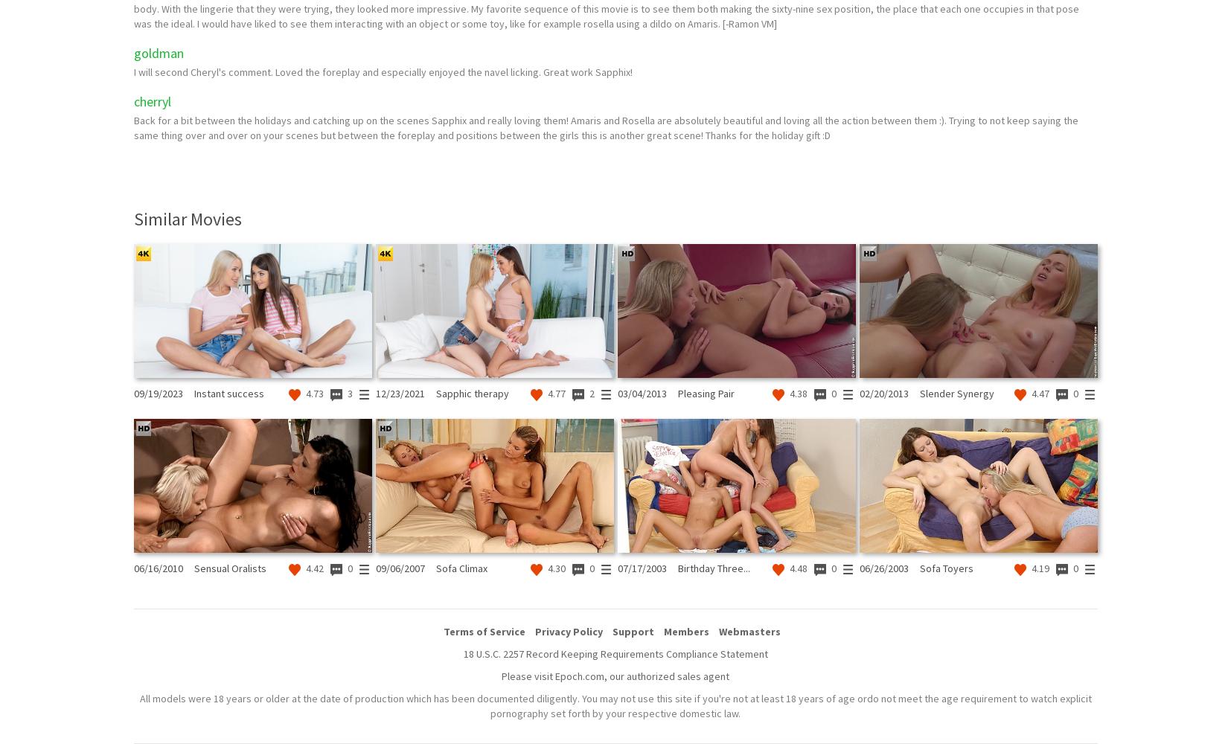 This screenshot has width=1231, height=744. Describe the element at coordinates (228, 568) in the screenshot. I see `'Sensual Oralists'` at that location.